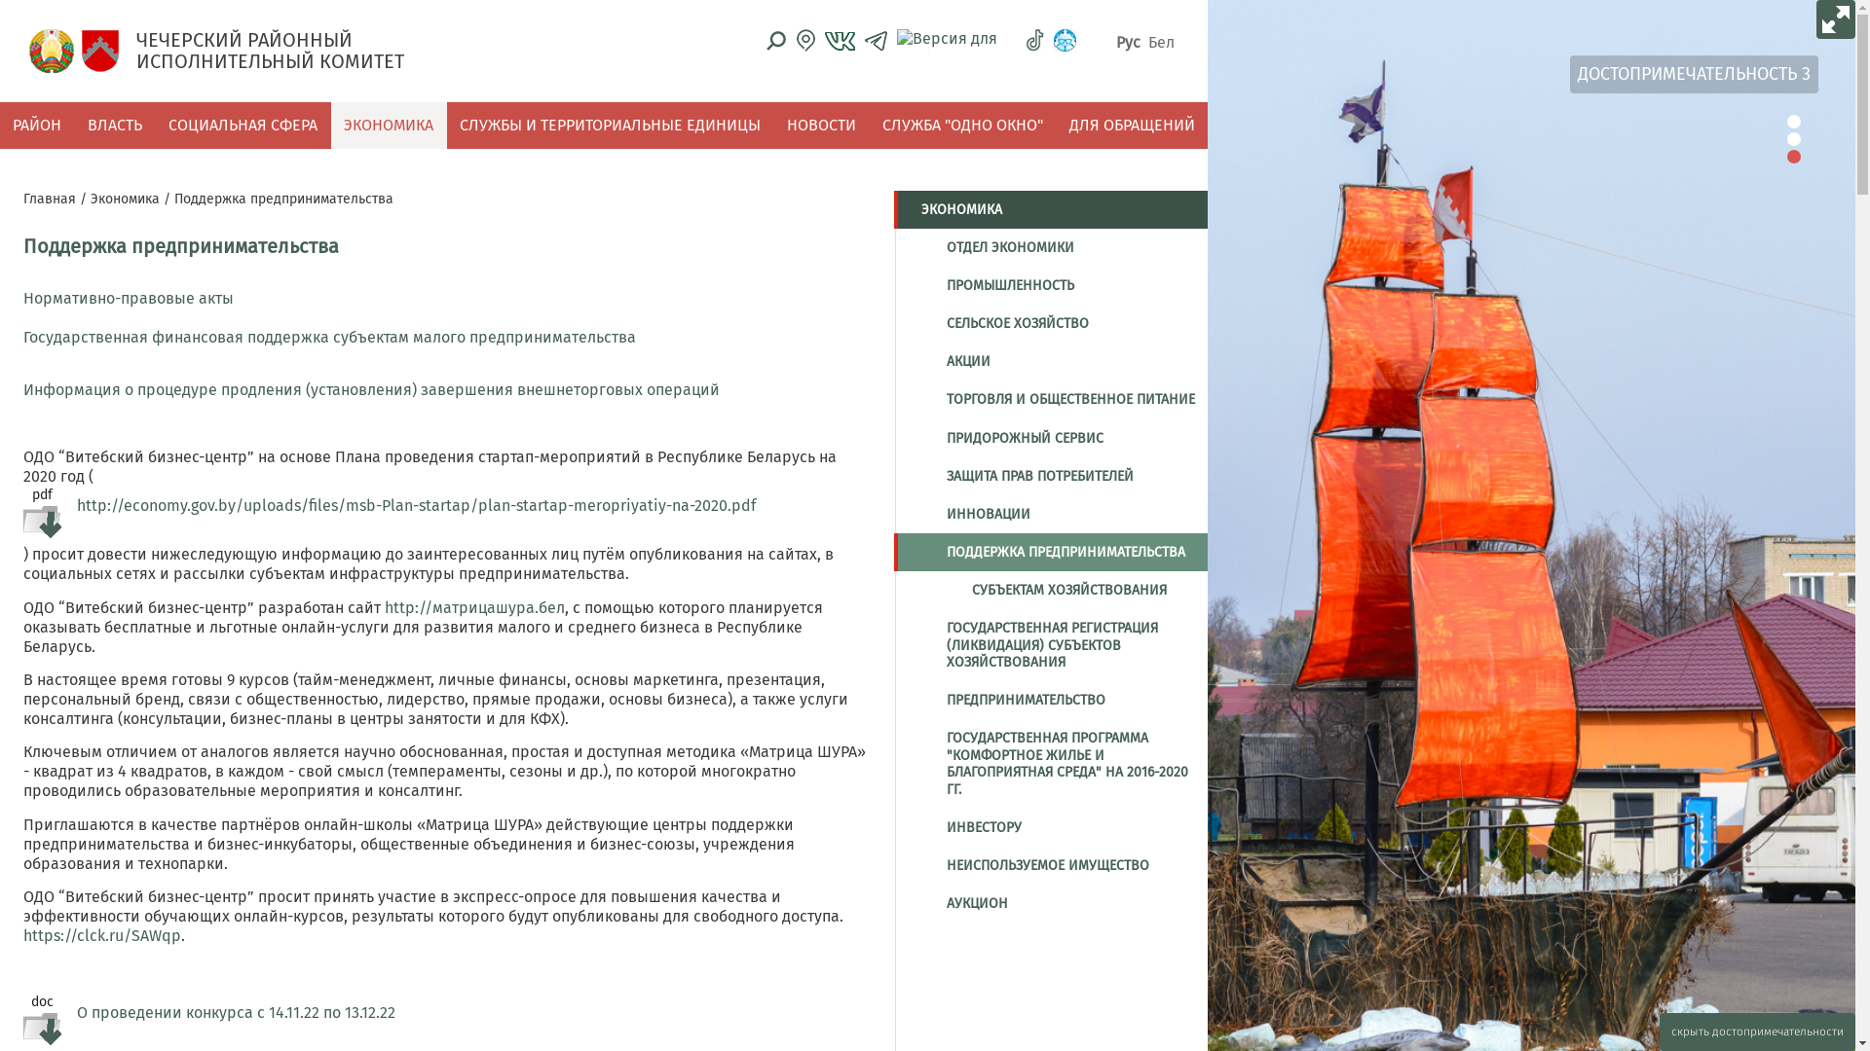 This screenshot has width=1870, height=1051. Describe the element at coordinates (1793, 121) in the screenshot. I see `'1'` at that location.